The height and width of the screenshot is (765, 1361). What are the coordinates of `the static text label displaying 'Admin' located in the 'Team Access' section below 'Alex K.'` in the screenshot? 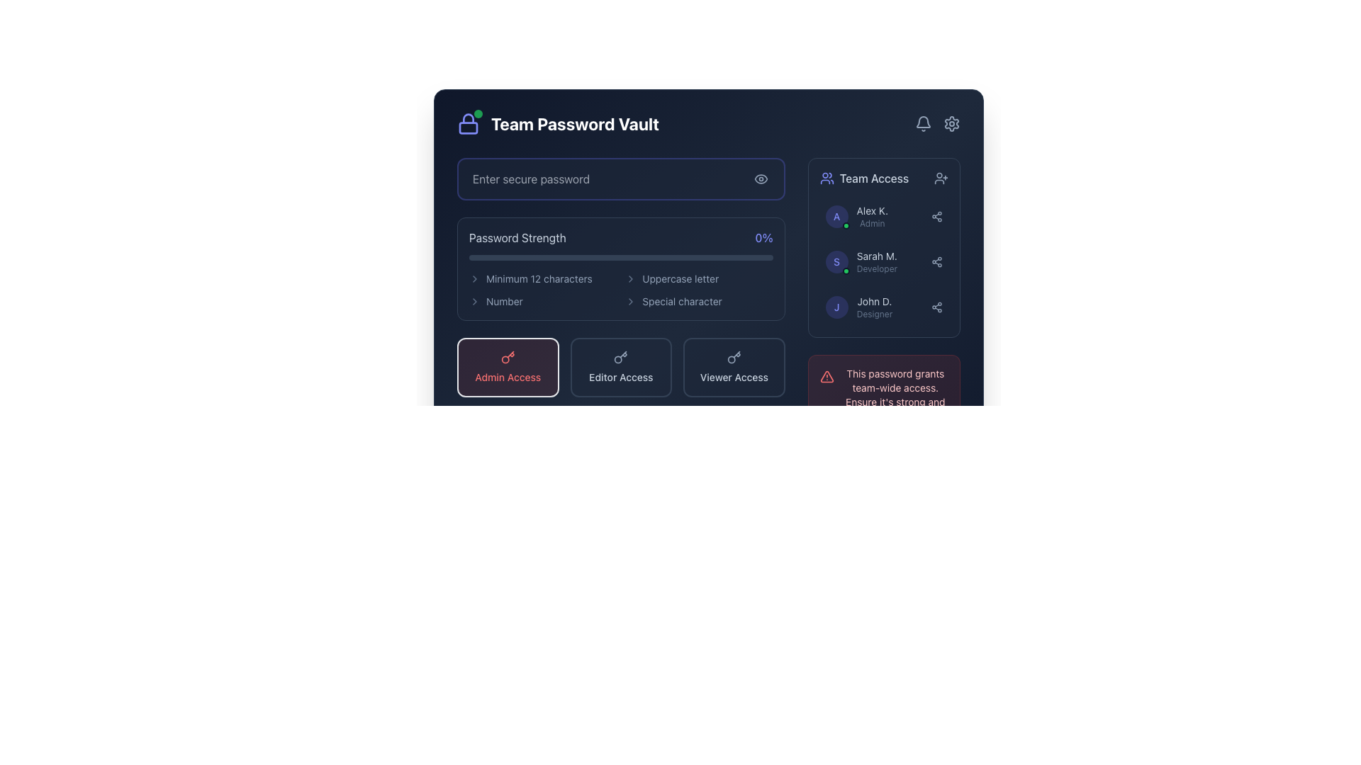 It's located at (871, 223).